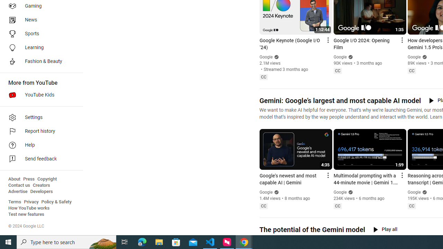 This screenshot has height=249, width=443. Describe the element at coordinates (15, 202) in the screenshot. I see `'Terms'` at that location.